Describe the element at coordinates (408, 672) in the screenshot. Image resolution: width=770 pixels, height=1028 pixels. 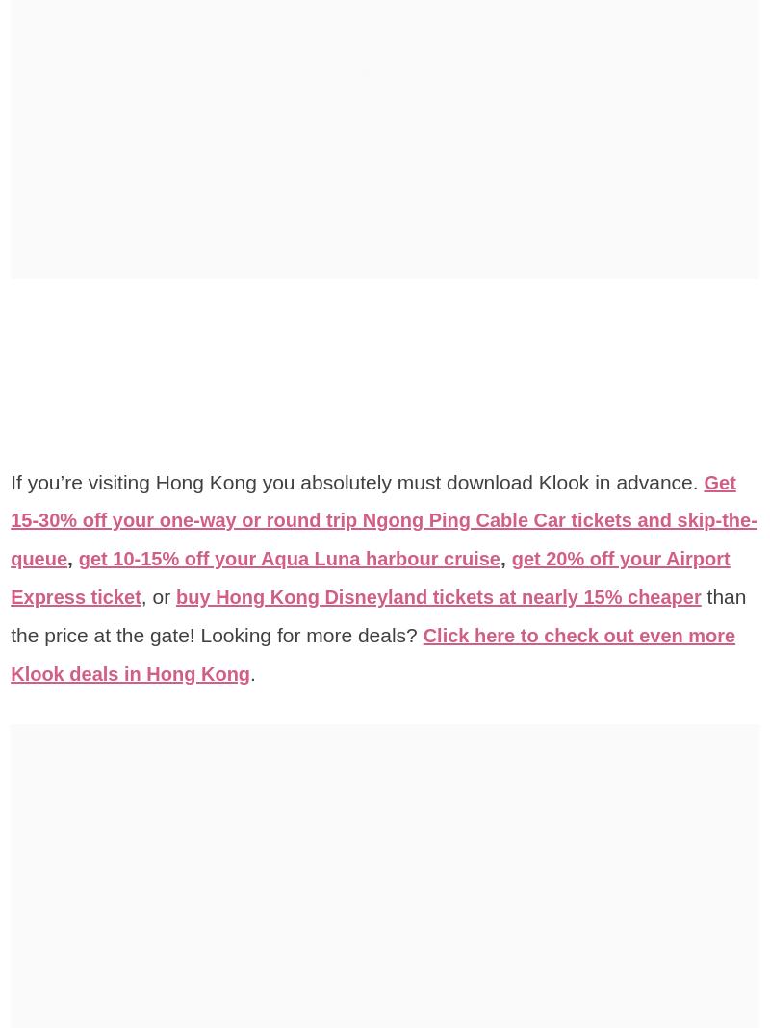
I see `'.'` at that location.